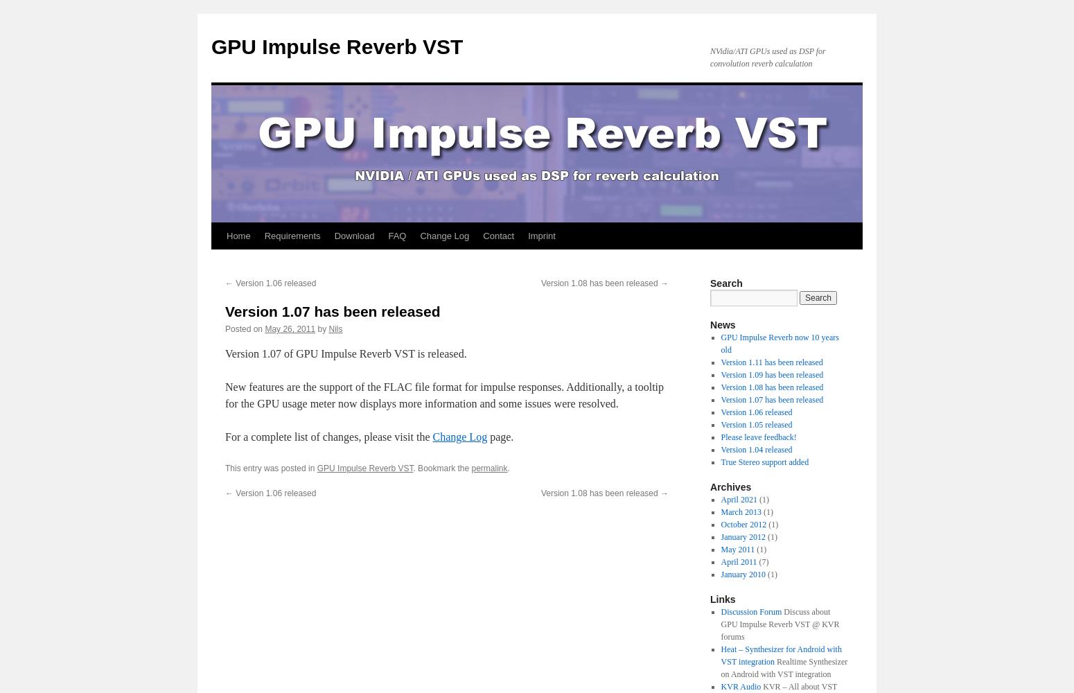 This screenshot has width=1074, height=693. What do you see at coordinates (432, 437) in the screenshot?
I see `'Change Log'` at bounding box center [432, 437].